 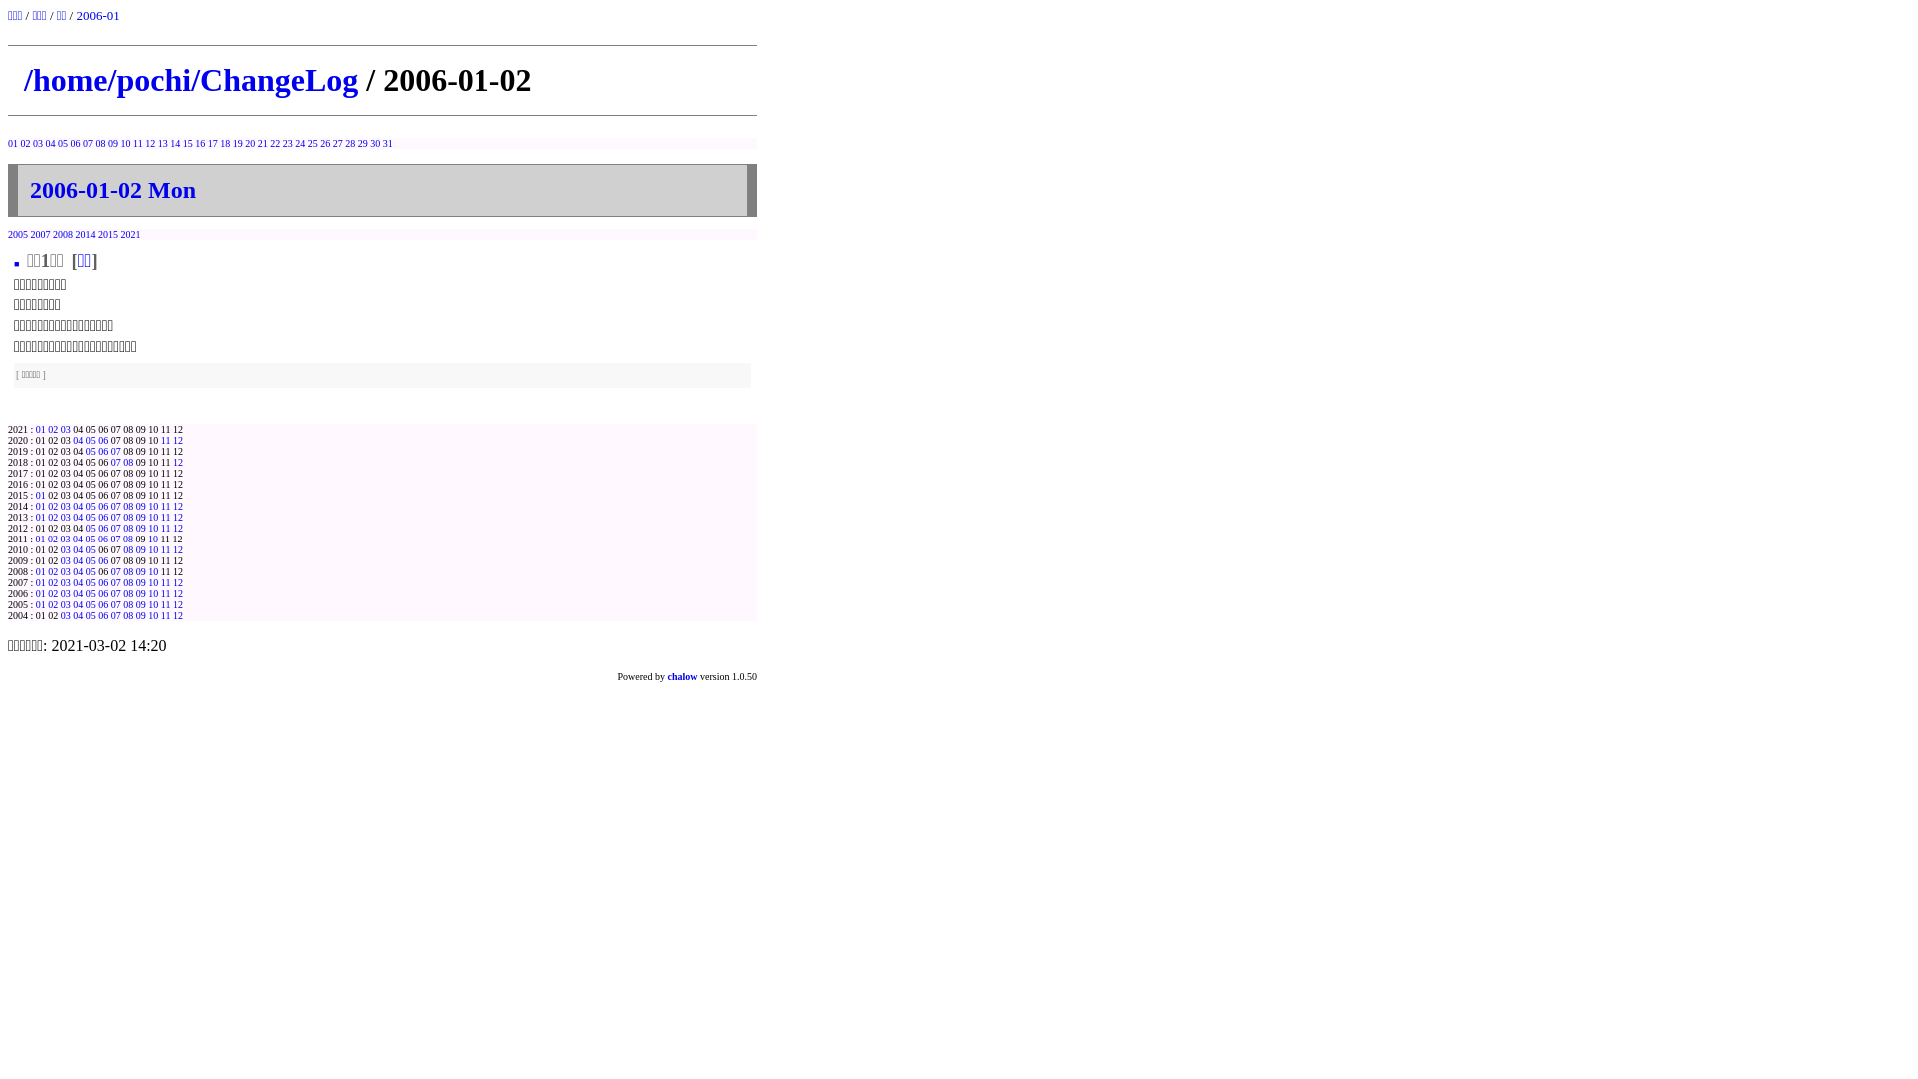 I want to click on '12', so click(x=177, y=516).